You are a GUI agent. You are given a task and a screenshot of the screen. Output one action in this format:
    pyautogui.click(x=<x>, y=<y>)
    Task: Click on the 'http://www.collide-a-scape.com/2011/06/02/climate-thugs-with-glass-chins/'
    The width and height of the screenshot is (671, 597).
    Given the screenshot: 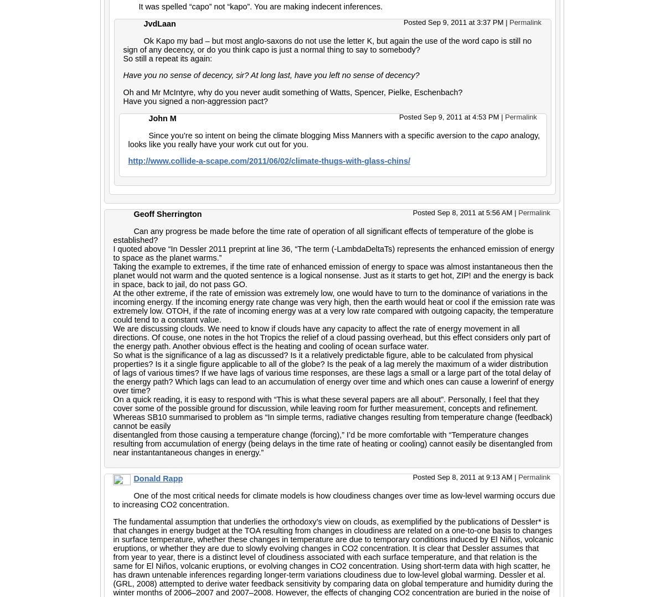 What is the action you would take?
    pyautogui.click(x=269, y=160)
    